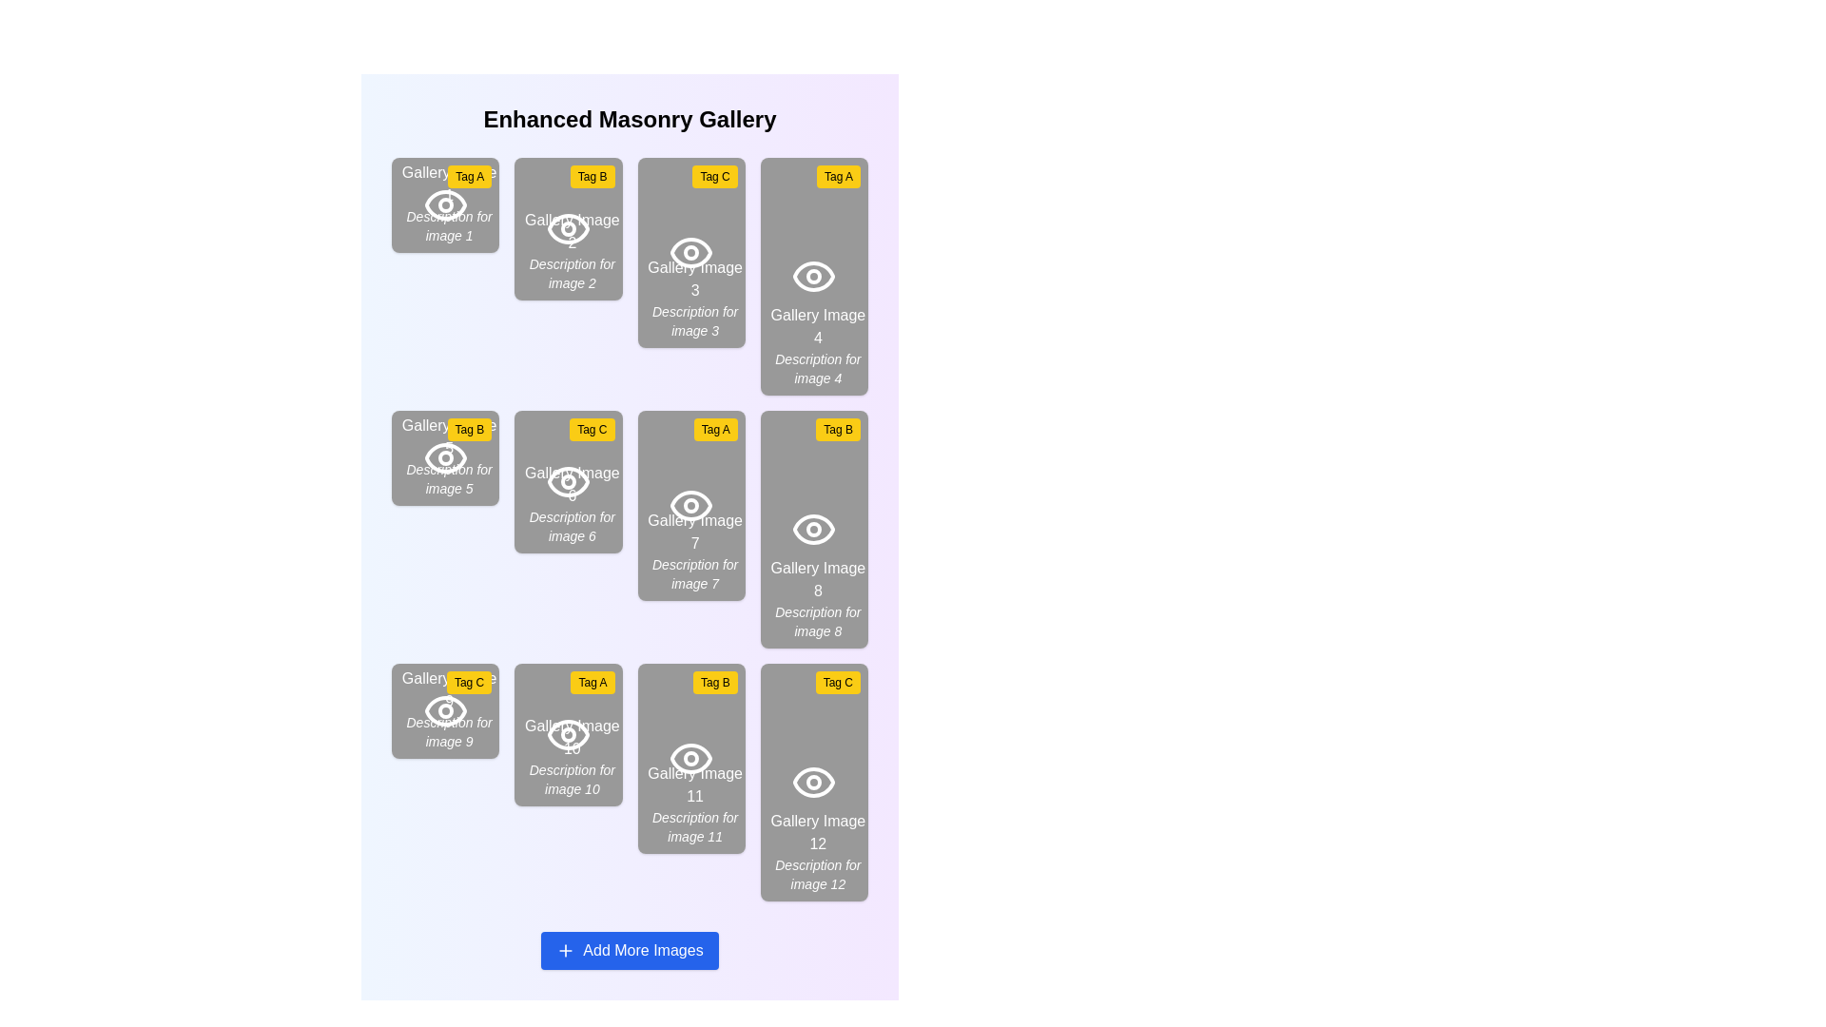 Image resolution: width=1826 pixels, height=1027 pixels. Describe the element at coordinates (567, 480) in the screenshot. I see `on the image preview card located in the second position of the second row of the gallery` at that location.